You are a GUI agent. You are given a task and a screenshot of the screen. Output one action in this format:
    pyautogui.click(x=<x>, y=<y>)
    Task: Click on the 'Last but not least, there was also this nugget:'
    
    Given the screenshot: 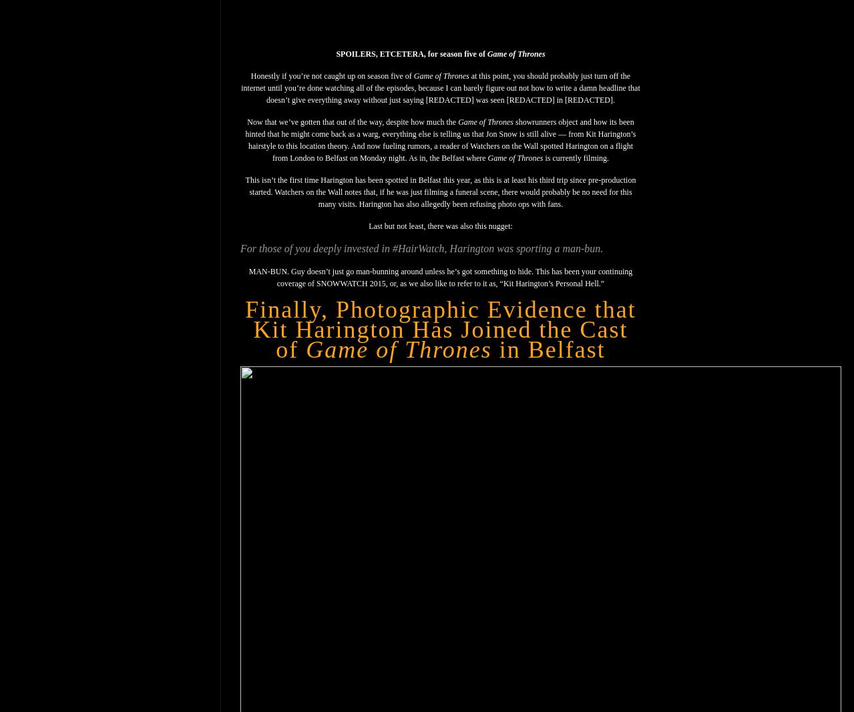 What is the action you would take?
    pyautogui.click(x=368, y=226)
    